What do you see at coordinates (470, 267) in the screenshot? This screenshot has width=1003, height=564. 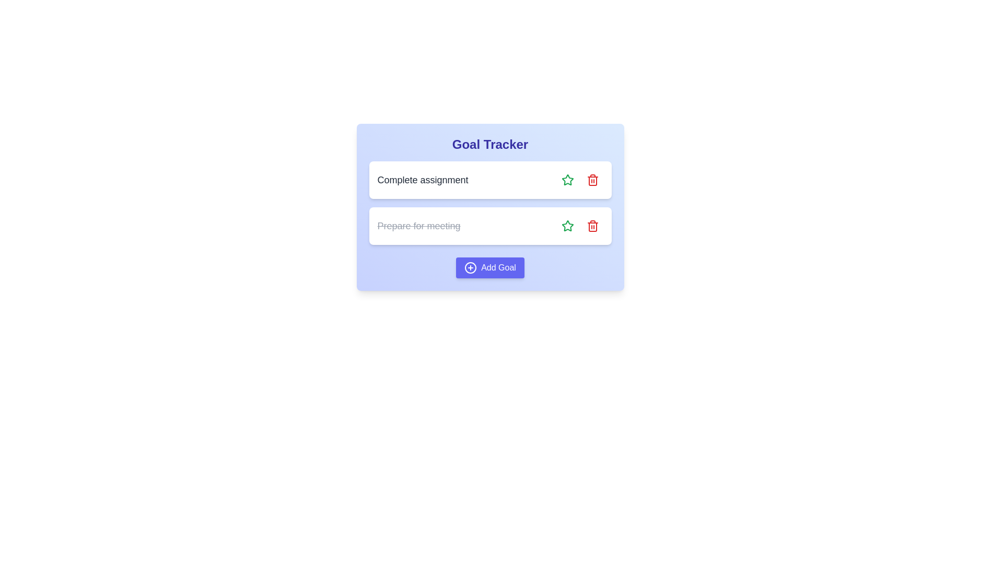 I see `the circular graphic icon with a blue background and a white outline that features a plus sign at its center, located to the left of the 'Add Goal' text within the 'Add Goal' button` at bounding box center [470, 267].